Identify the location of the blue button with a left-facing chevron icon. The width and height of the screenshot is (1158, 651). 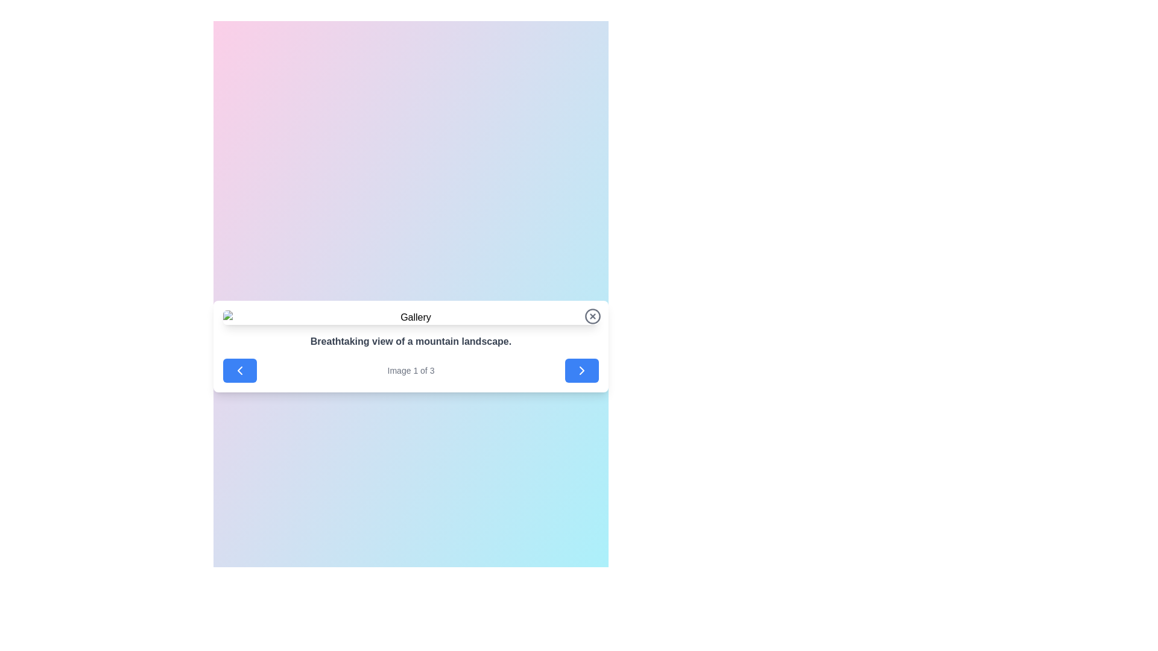
(240, 370).